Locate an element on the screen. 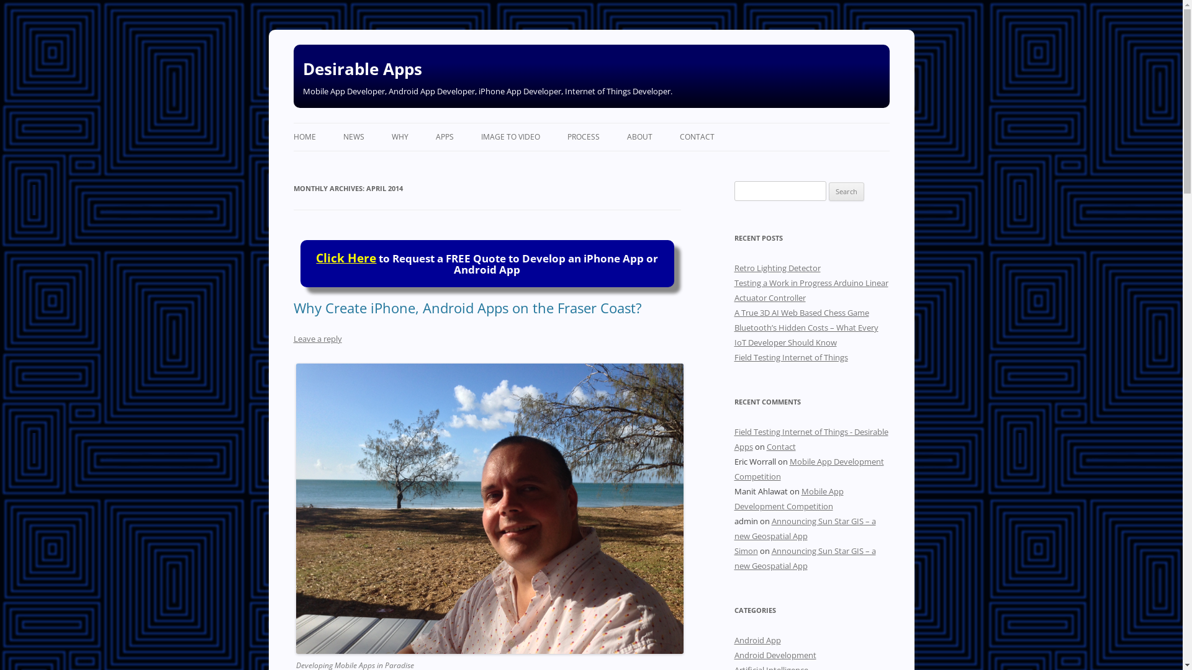 The width and height of the screenshot is (1192, 670). 'Search' is located at coordinates (828, 191).